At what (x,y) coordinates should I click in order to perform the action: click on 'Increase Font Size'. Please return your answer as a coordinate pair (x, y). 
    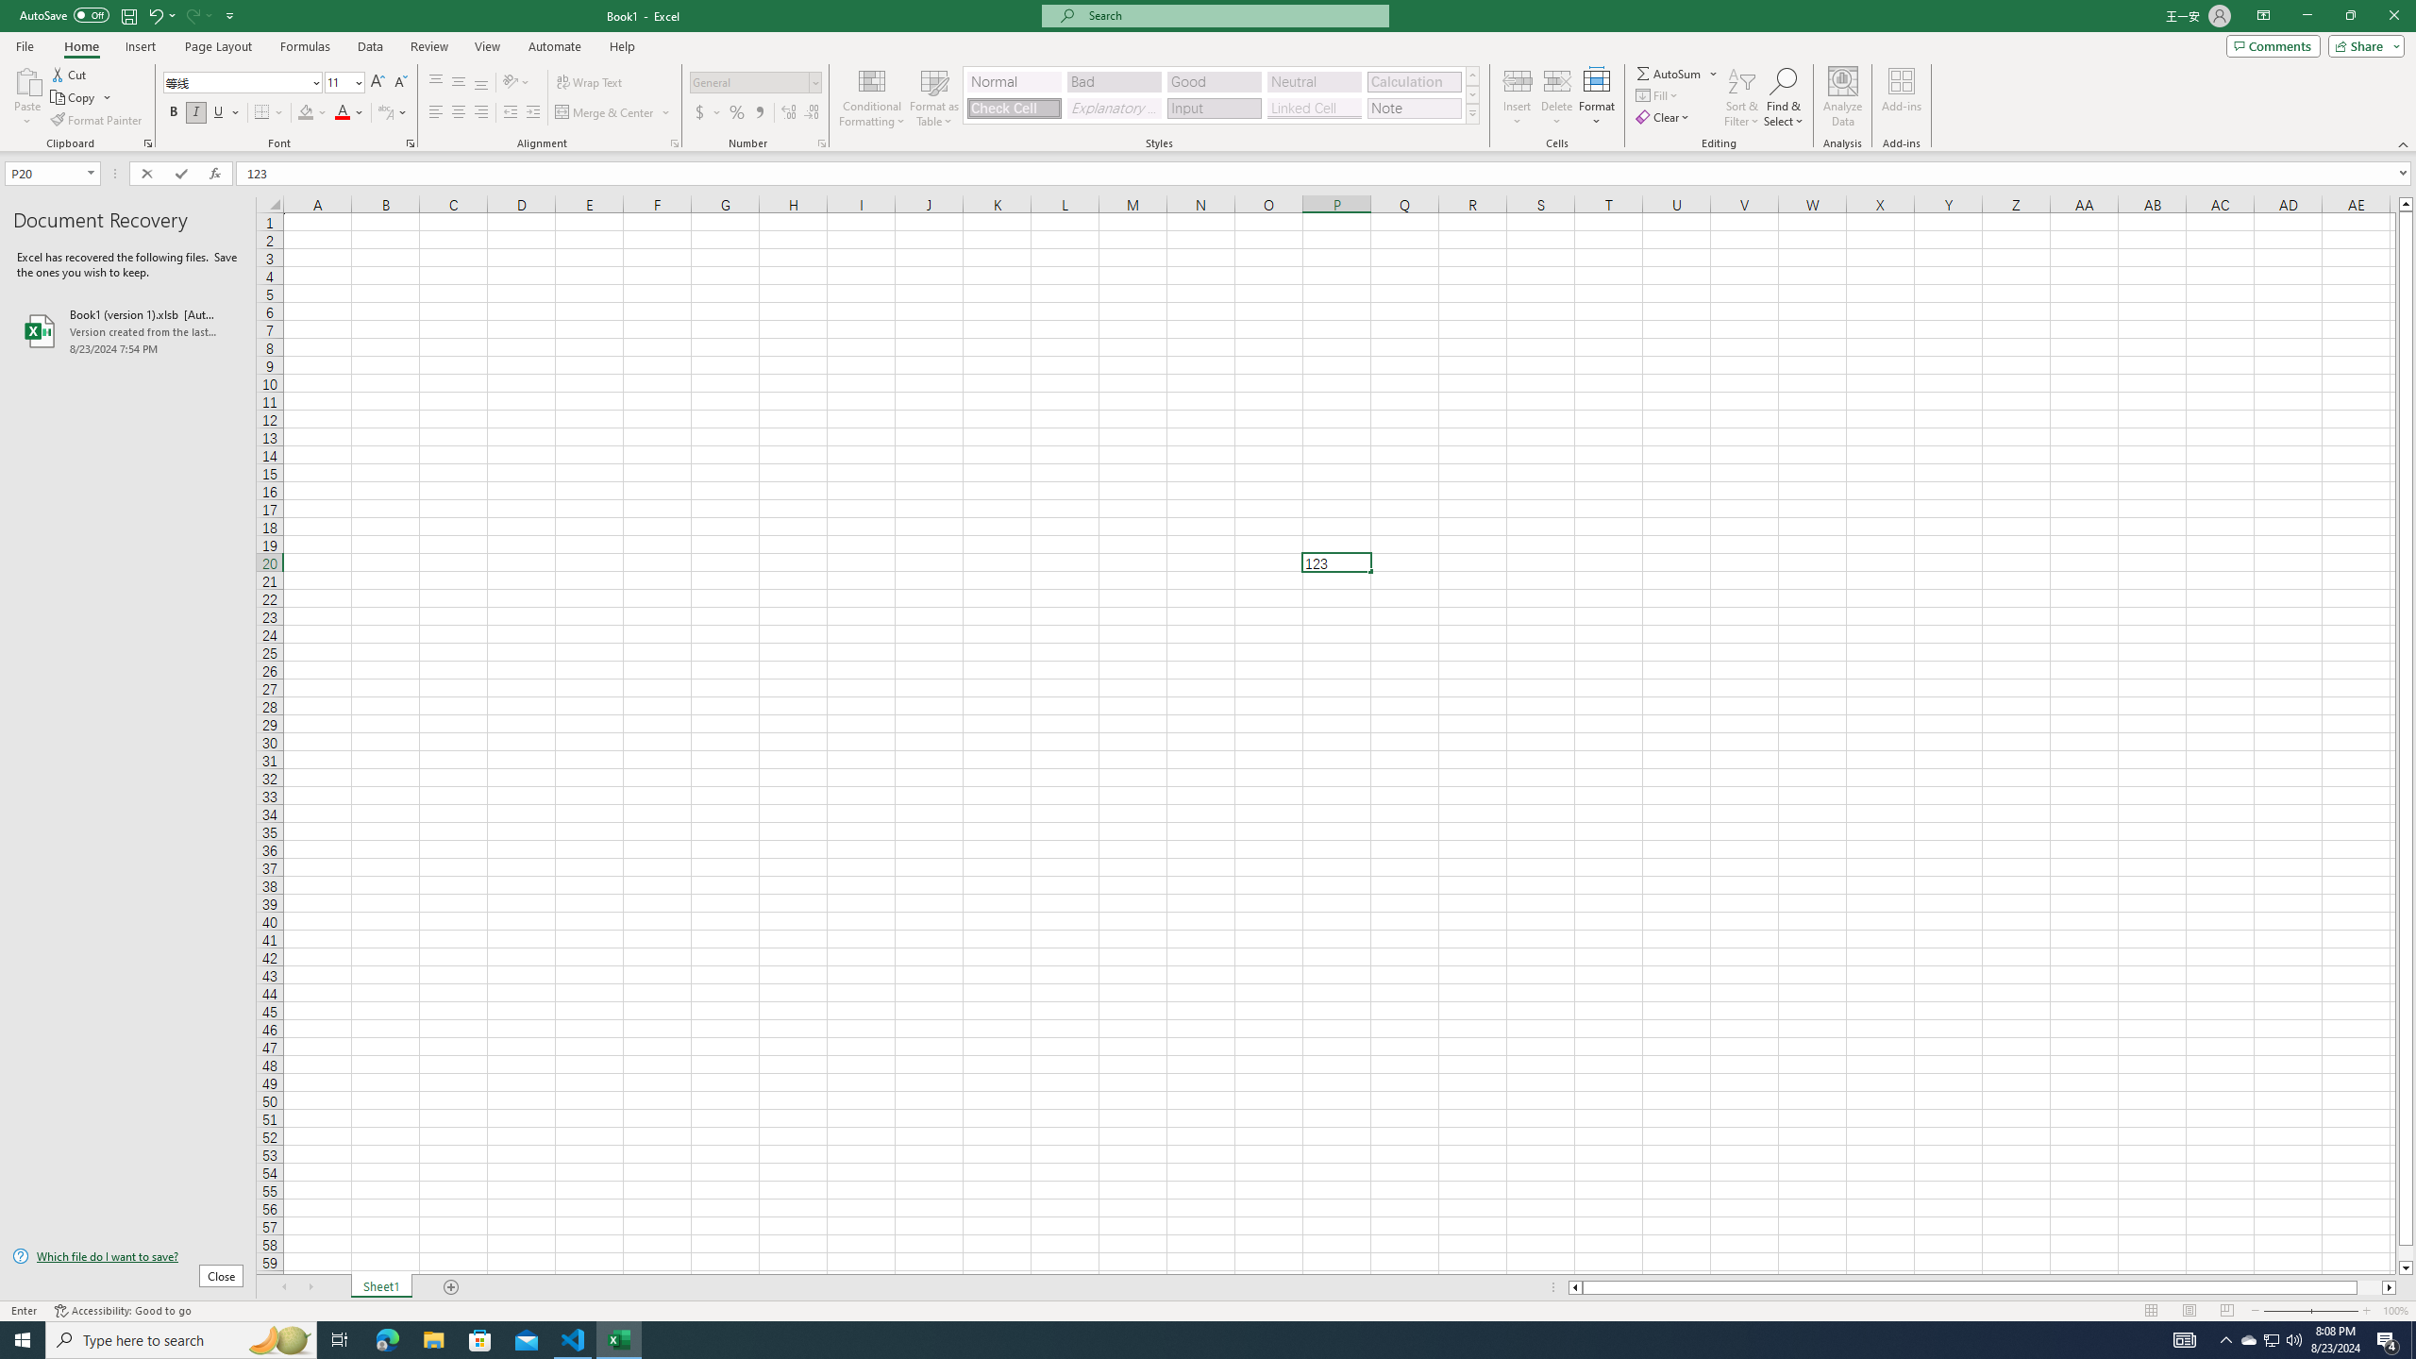
    Looking at the image, I should click on (377, 82).